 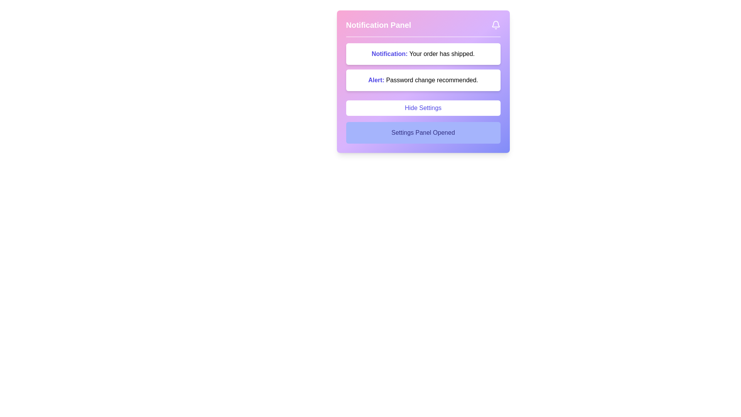 What do you see at coordinates (423, 53) in the screenshot?
I see `the top notification box that displays messages about updates or actions, specifically indicating a shipped order` at bounding box center [423, 53].